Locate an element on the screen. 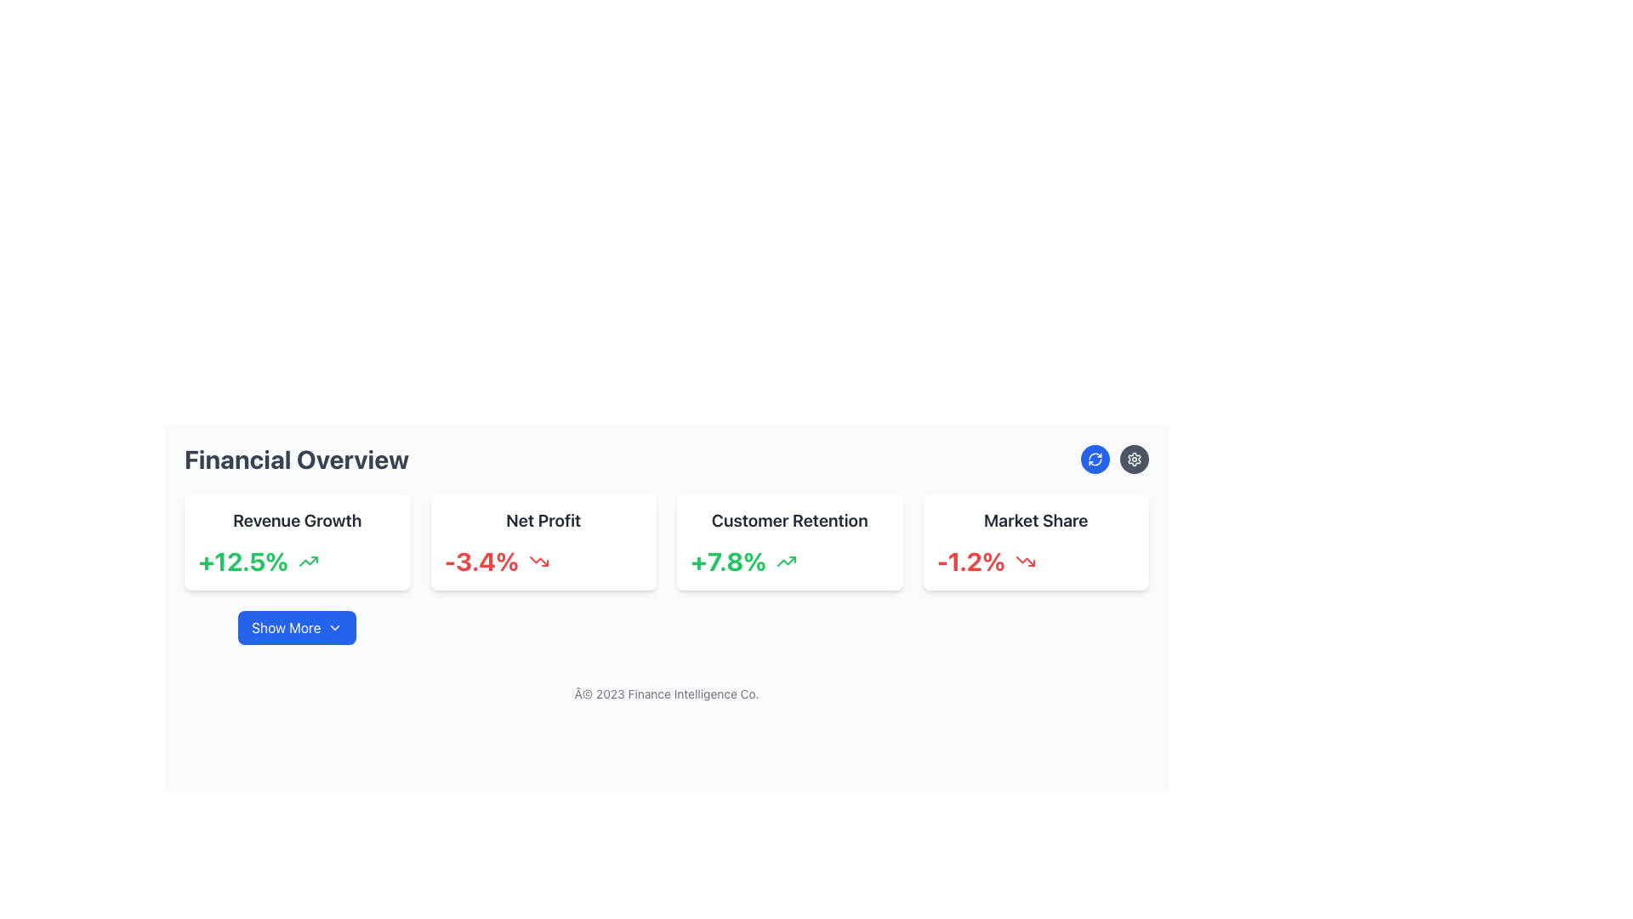 The image size is (1633, 919). the positive progression icon located immediately to the right of the '+12.5%' text in the first card of the Financial Overview section is located at coordinates (309, 561).